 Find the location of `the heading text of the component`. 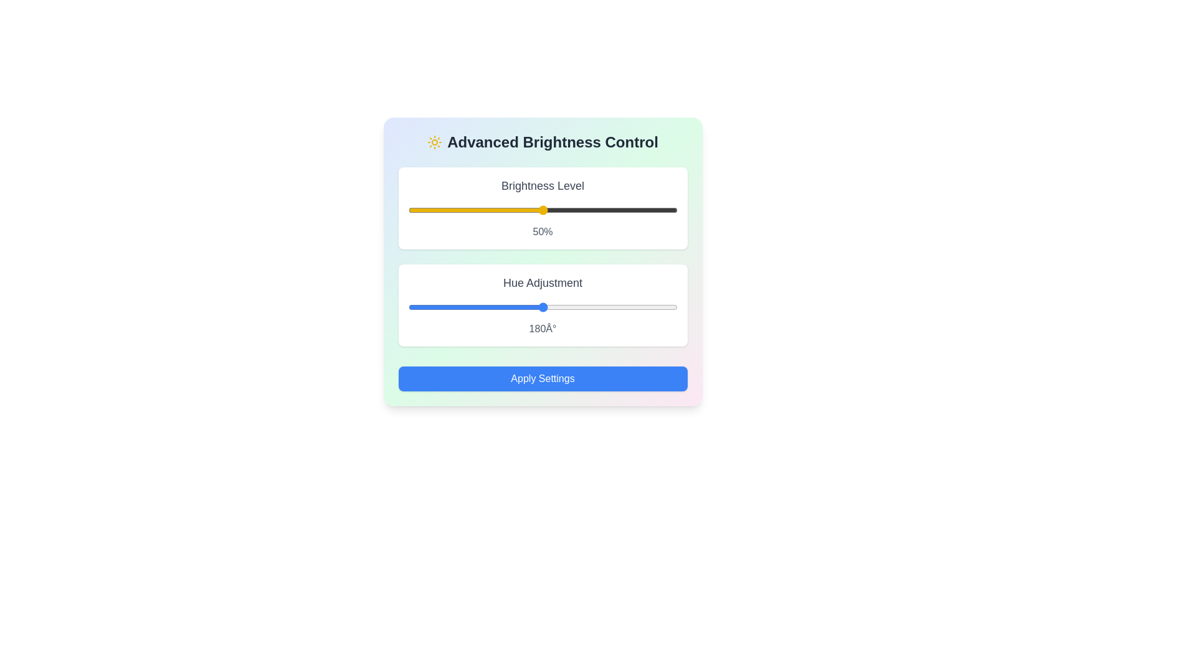

the heading text of the component is located at coordinates (543, 141).